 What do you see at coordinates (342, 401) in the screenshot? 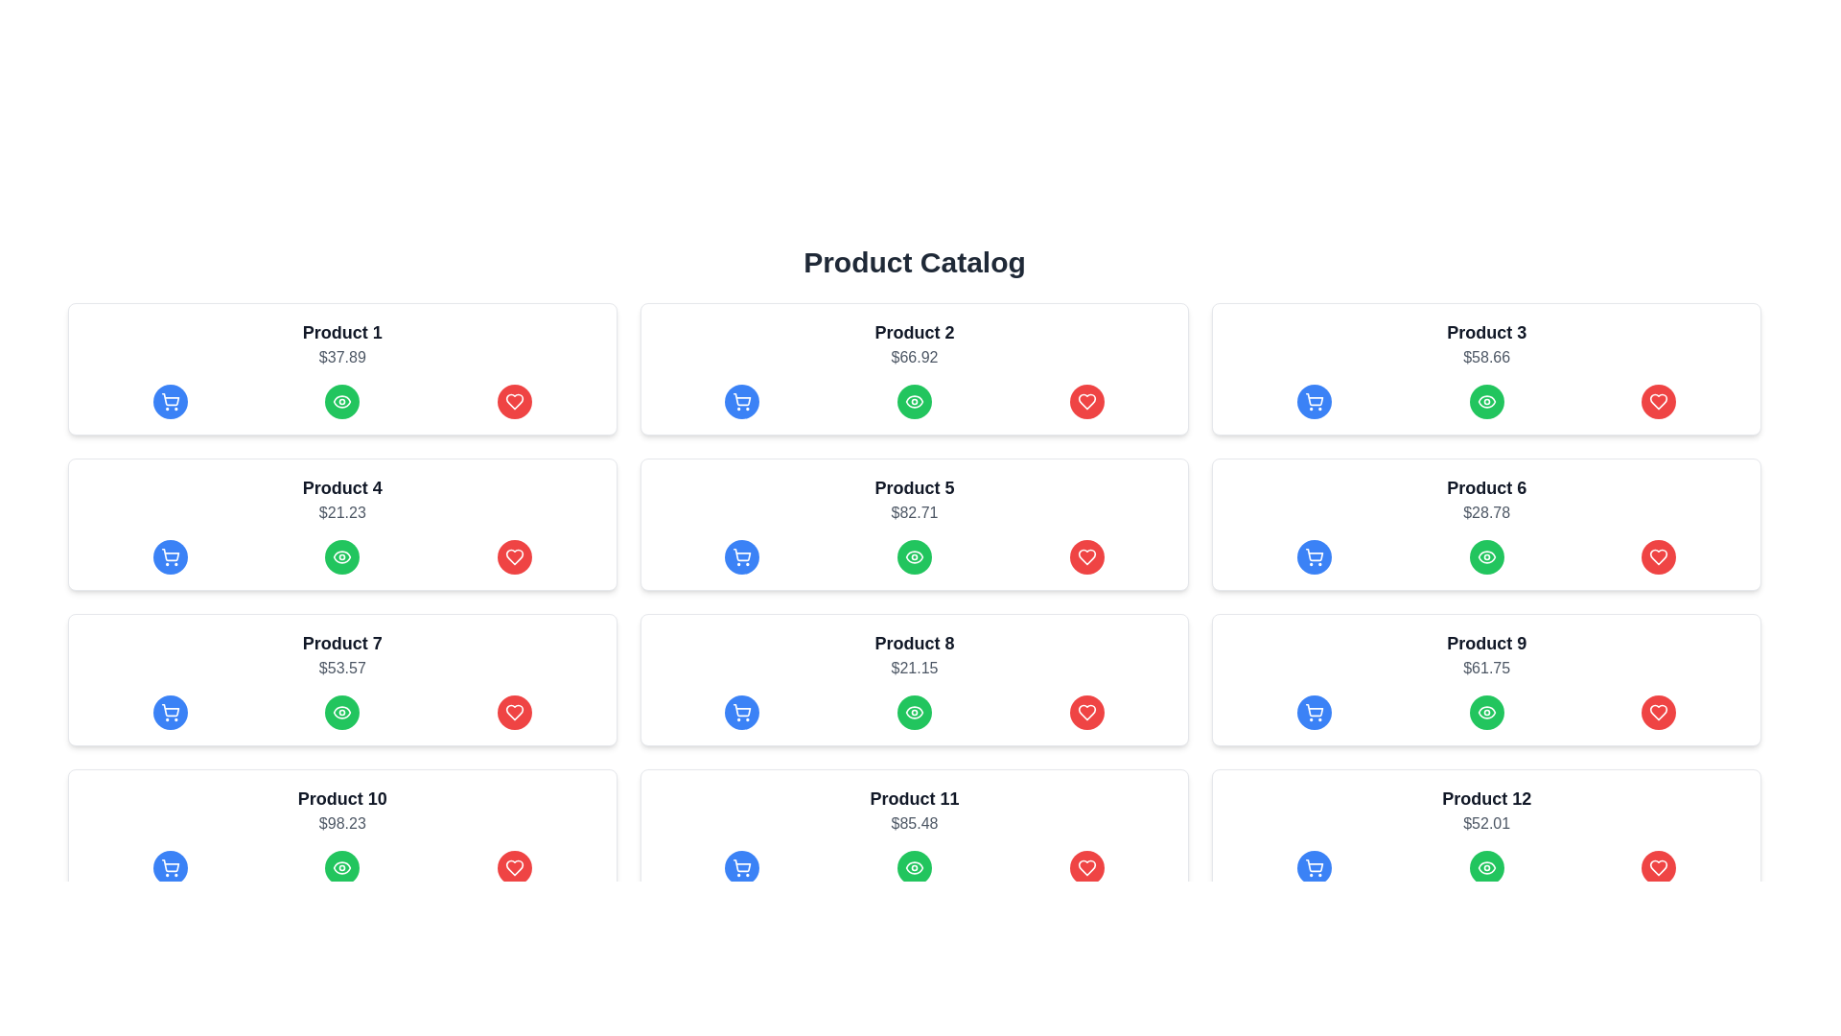
I see `the circular green button with a white 'eye' icon, located in the tile for 'Product 1'` at bounding box center [342, 401].